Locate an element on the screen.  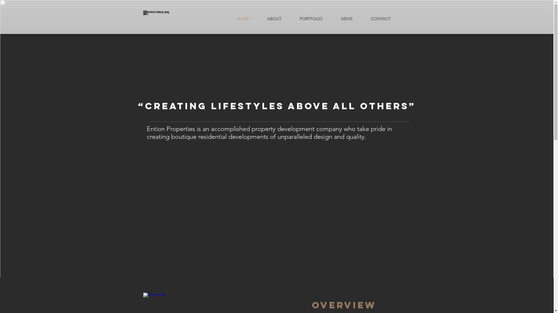
'NEWS' is located at coordinates (347, 19).